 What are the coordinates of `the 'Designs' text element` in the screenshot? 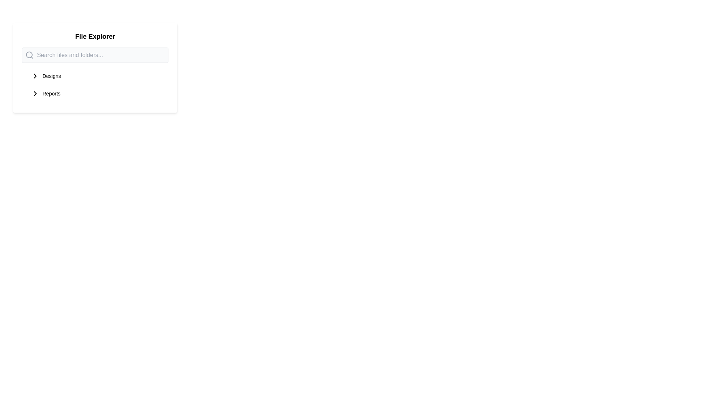 It's located at (51, 76).